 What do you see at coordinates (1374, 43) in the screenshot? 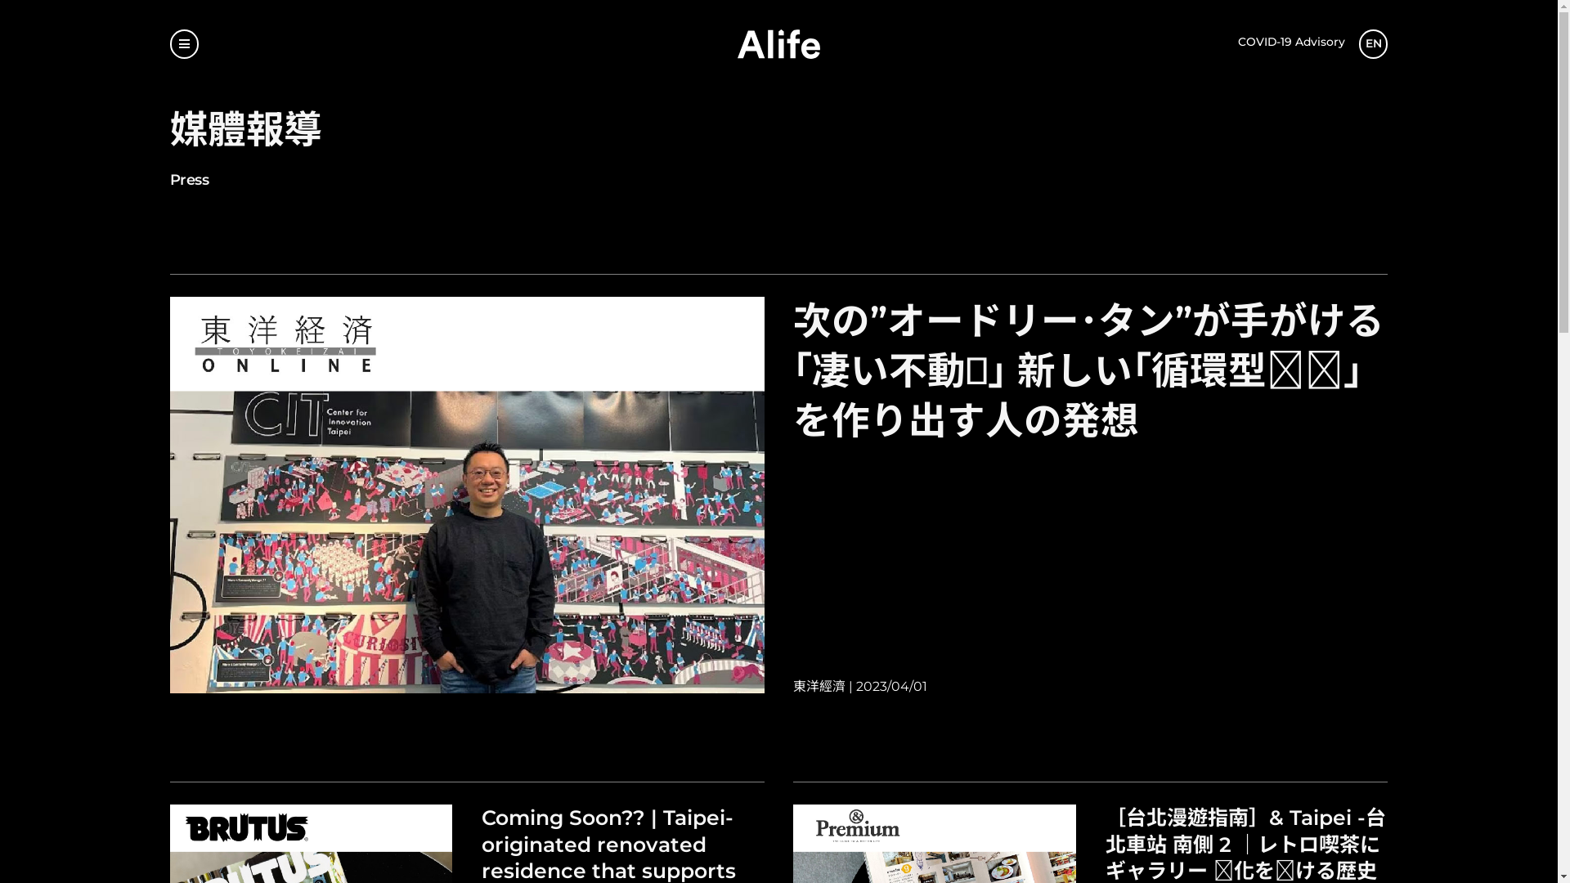
I see `'EN'` at bounding box center [1374, 43].